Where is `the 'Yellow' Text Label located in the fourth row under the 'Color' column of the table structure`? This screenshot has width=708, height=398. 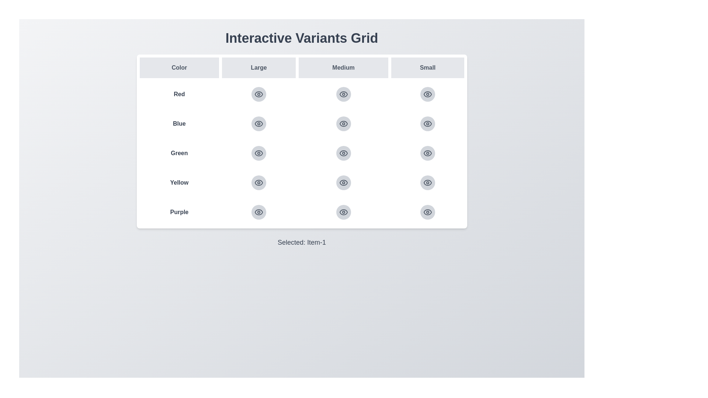 the 'Yellow' Text Label located in the fourth row under the 'Color' column of the table structure is located at coordinates (179, 182).